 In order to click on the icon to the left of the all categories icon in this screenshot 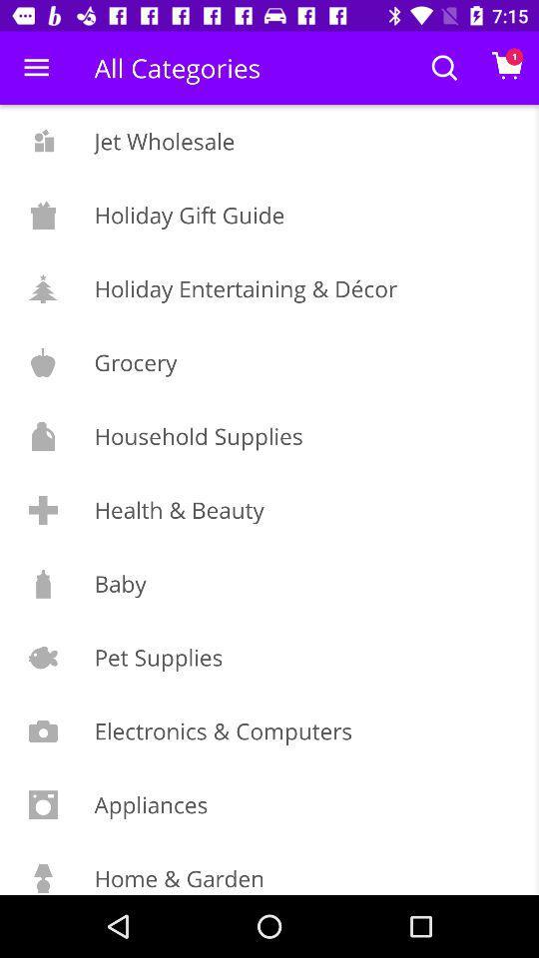, I will do `click(36, 68)`.